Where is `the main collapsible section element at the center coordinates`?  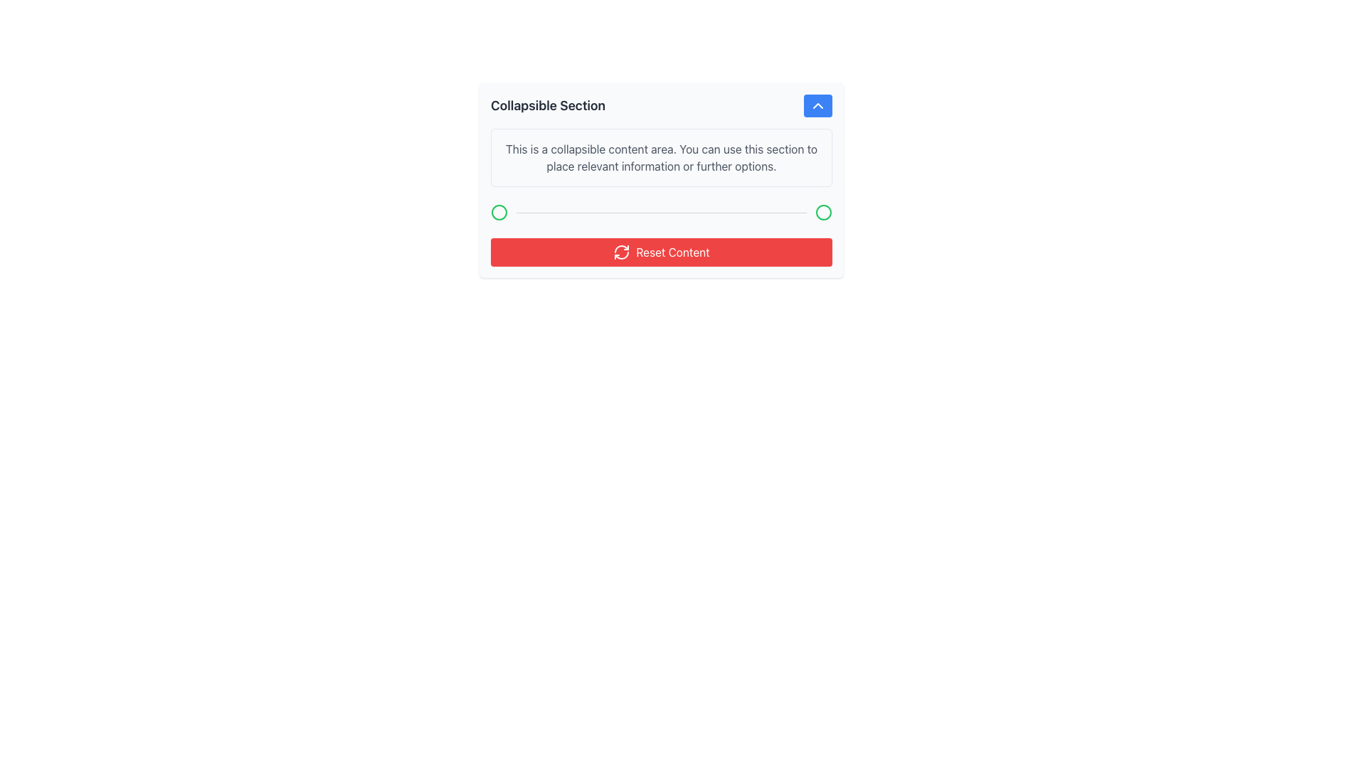
the main collapsible section element at the center coordinates is located at coordinates (661, 180).